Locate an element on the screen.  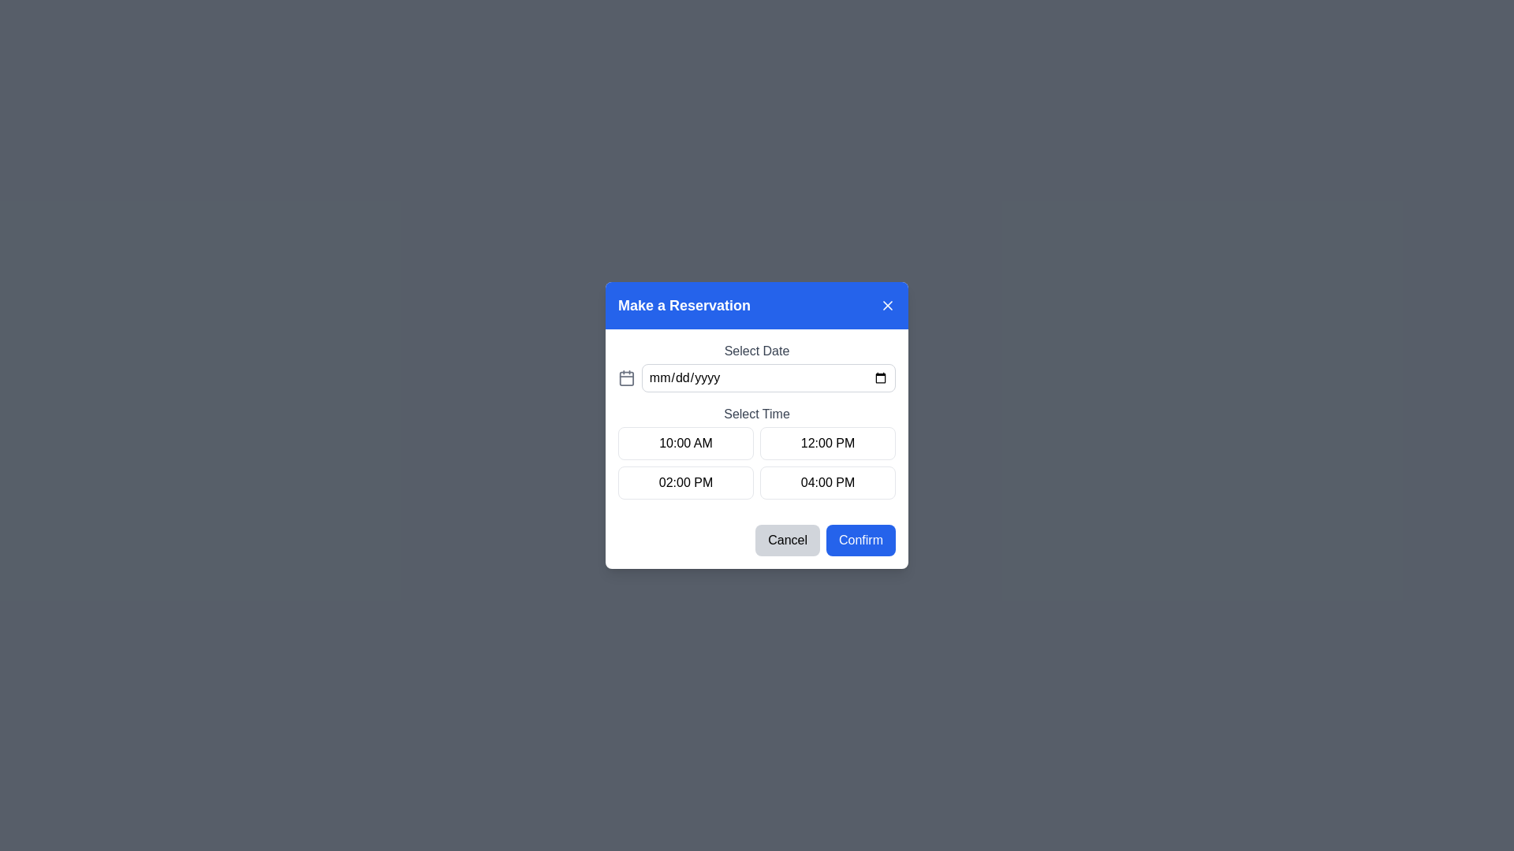
the calendar icon component, which is a rounded rectangle with a subtle gray outline, located above the 'Select Time' section in the reservation dialog box is located at coordinates (625, 378).